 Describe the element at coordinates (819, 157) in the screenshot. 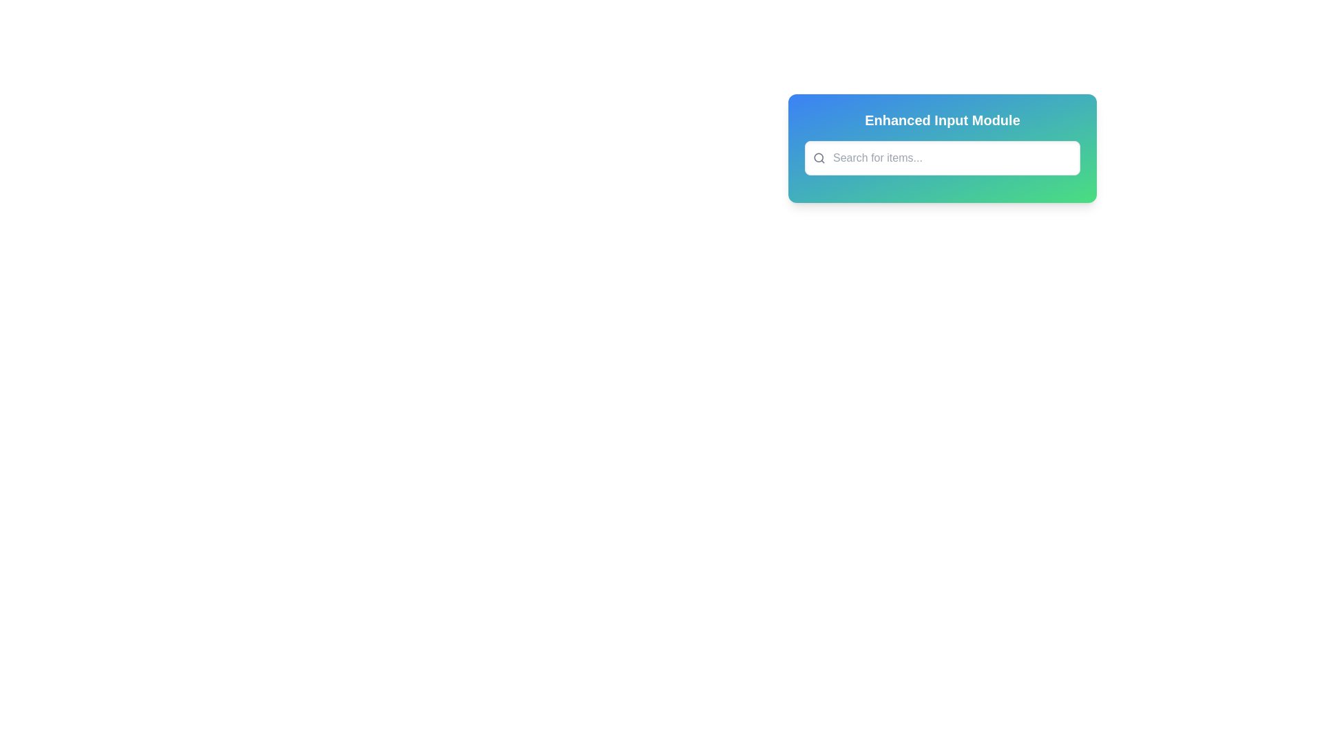

I see `the small circular SVG element that is part of an icon group located to the left of the text input field` at that location.